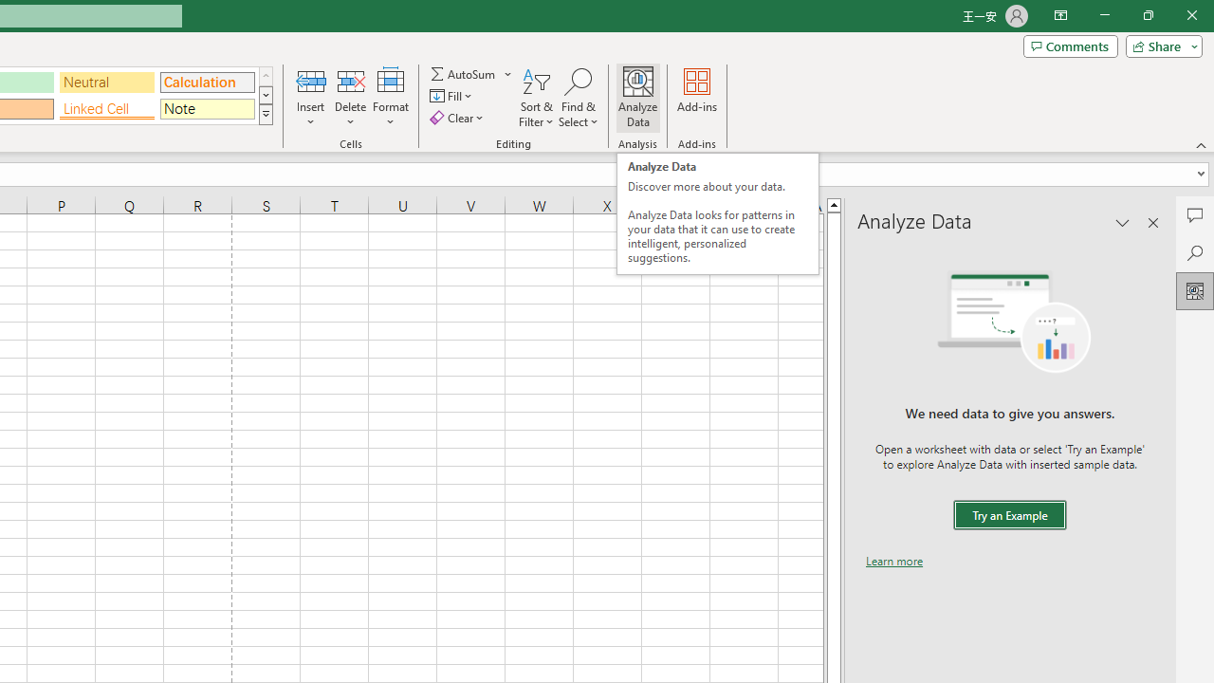  Describe the element at coordinates (1104, 15) in the screenshot. I see `'Minimize'` at that location.